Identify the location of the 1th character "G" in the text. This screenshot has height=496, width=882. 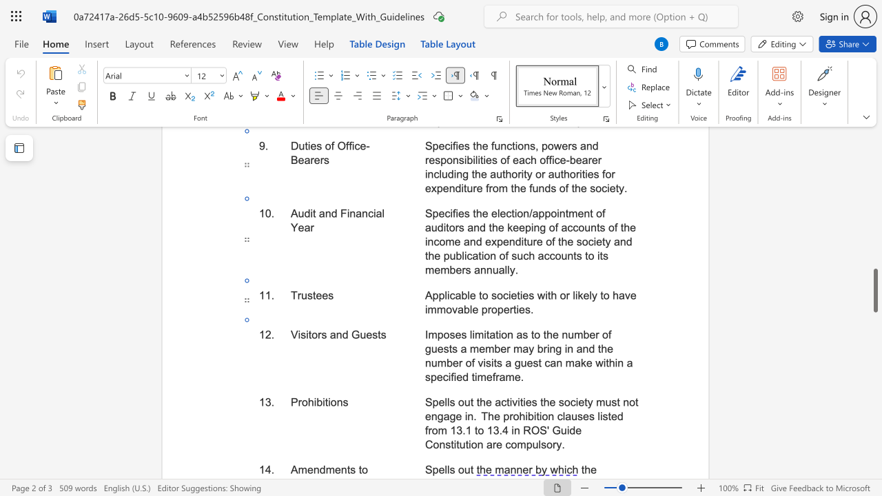
(356, 335).